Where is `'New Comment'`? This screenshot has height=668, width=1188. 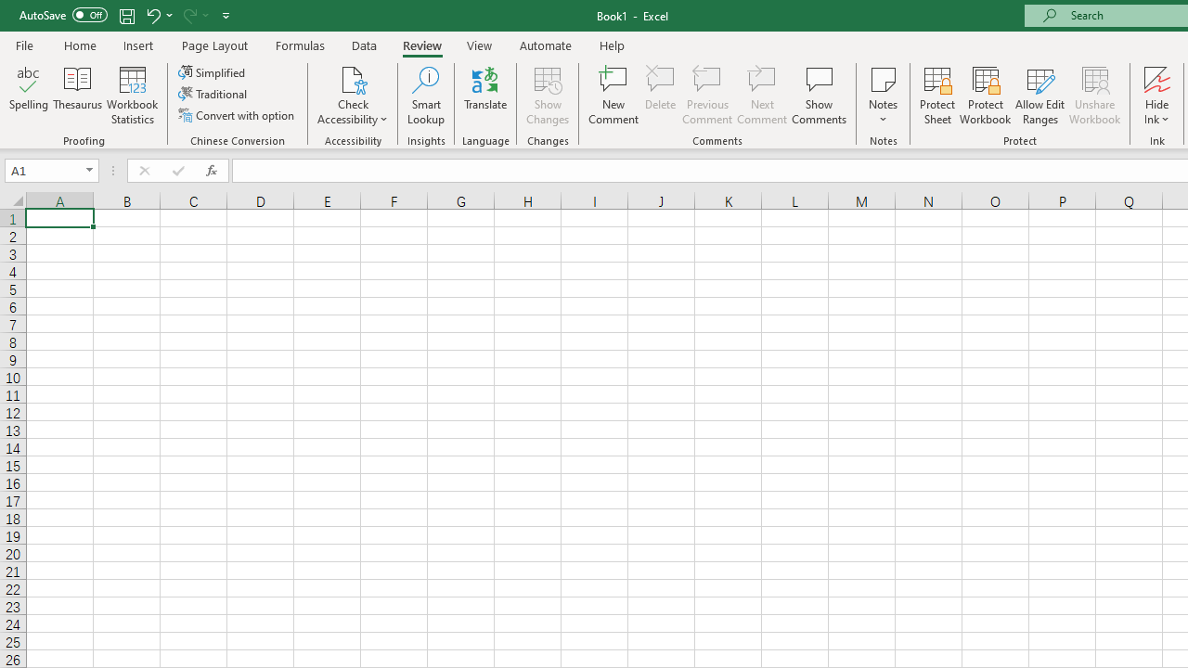 'New Comment' is located at coordinates (613, 96).